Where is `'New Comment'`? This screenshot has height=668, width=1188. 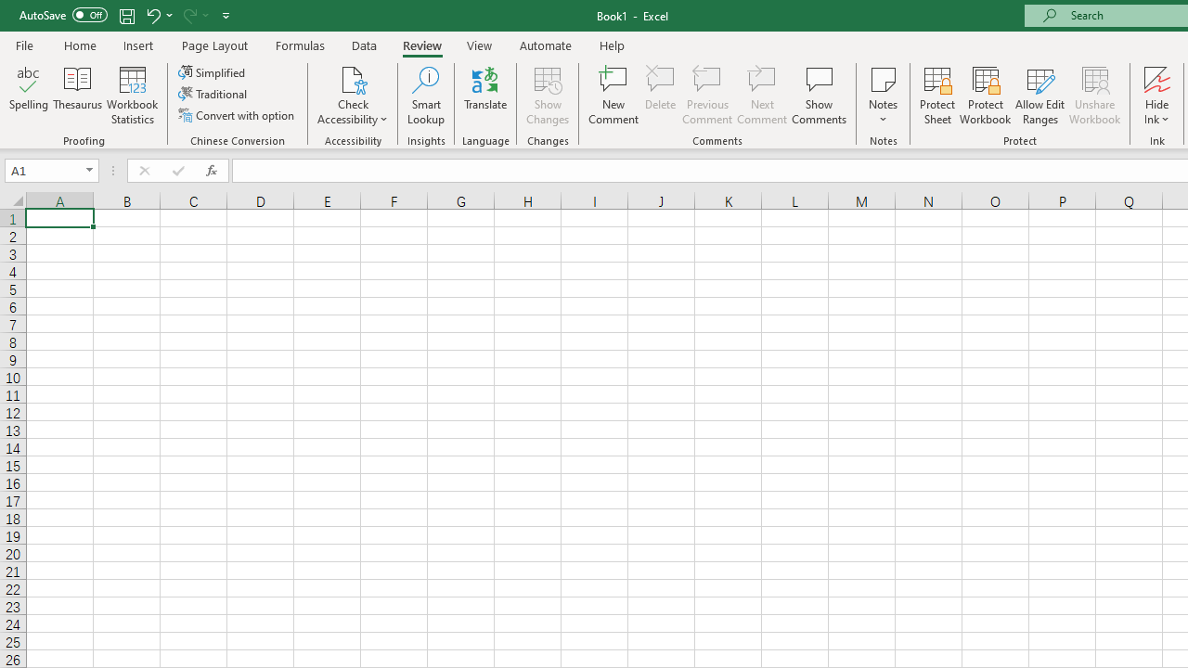 'New Comment' is located at coordinates (613, 96).